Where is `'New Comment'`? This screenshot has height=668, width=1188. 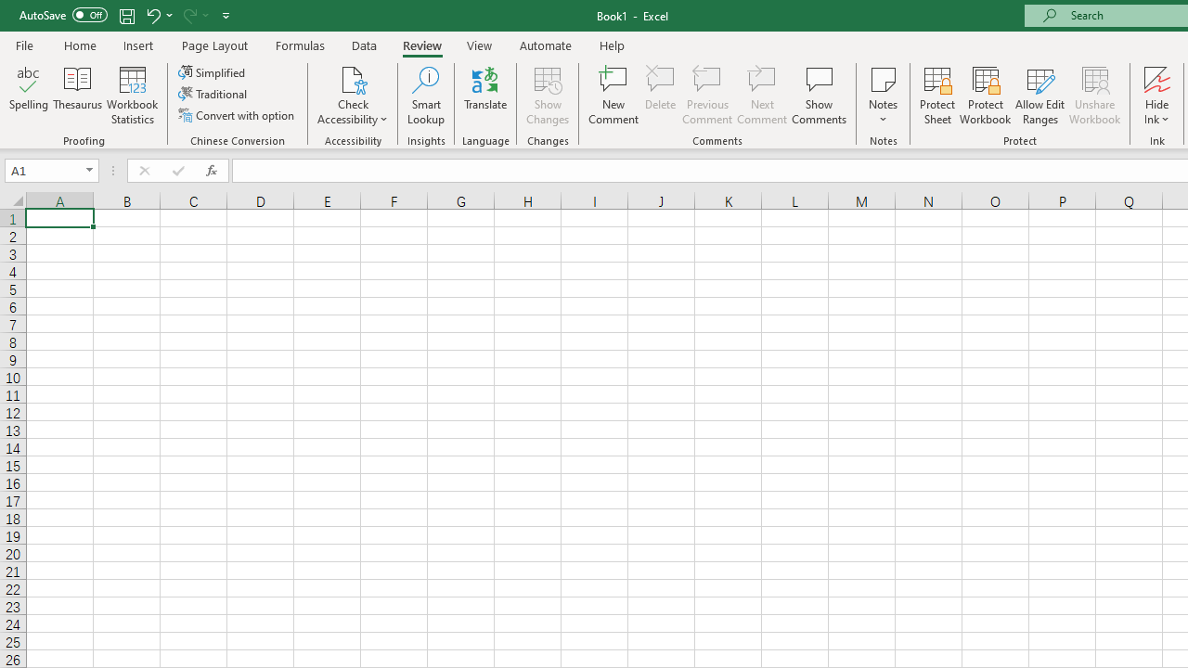 'New Comment' is located at coordinates (613, 96).